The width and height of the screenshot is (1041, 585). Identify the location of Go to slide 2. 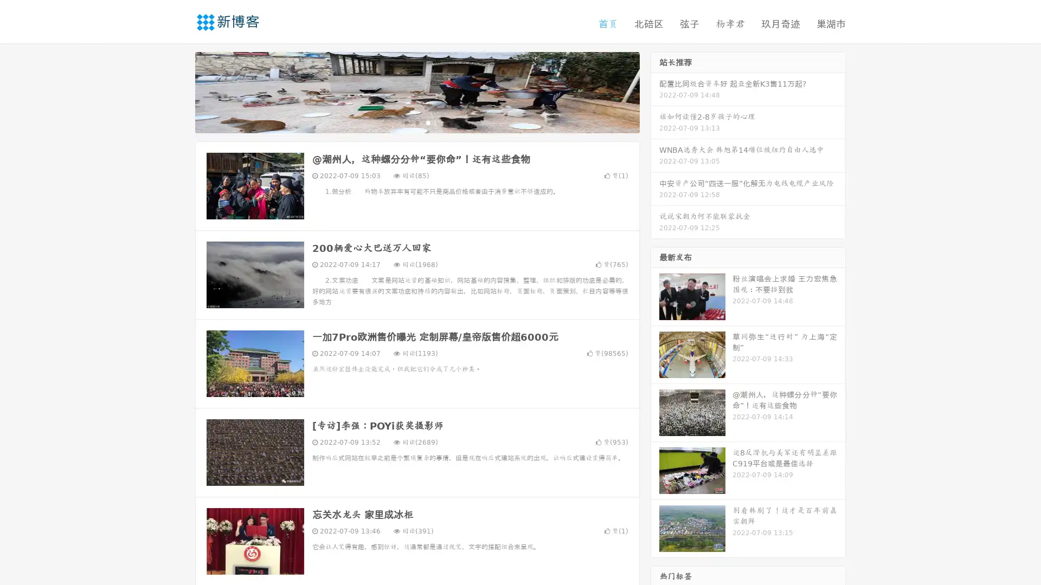
(416, 122).